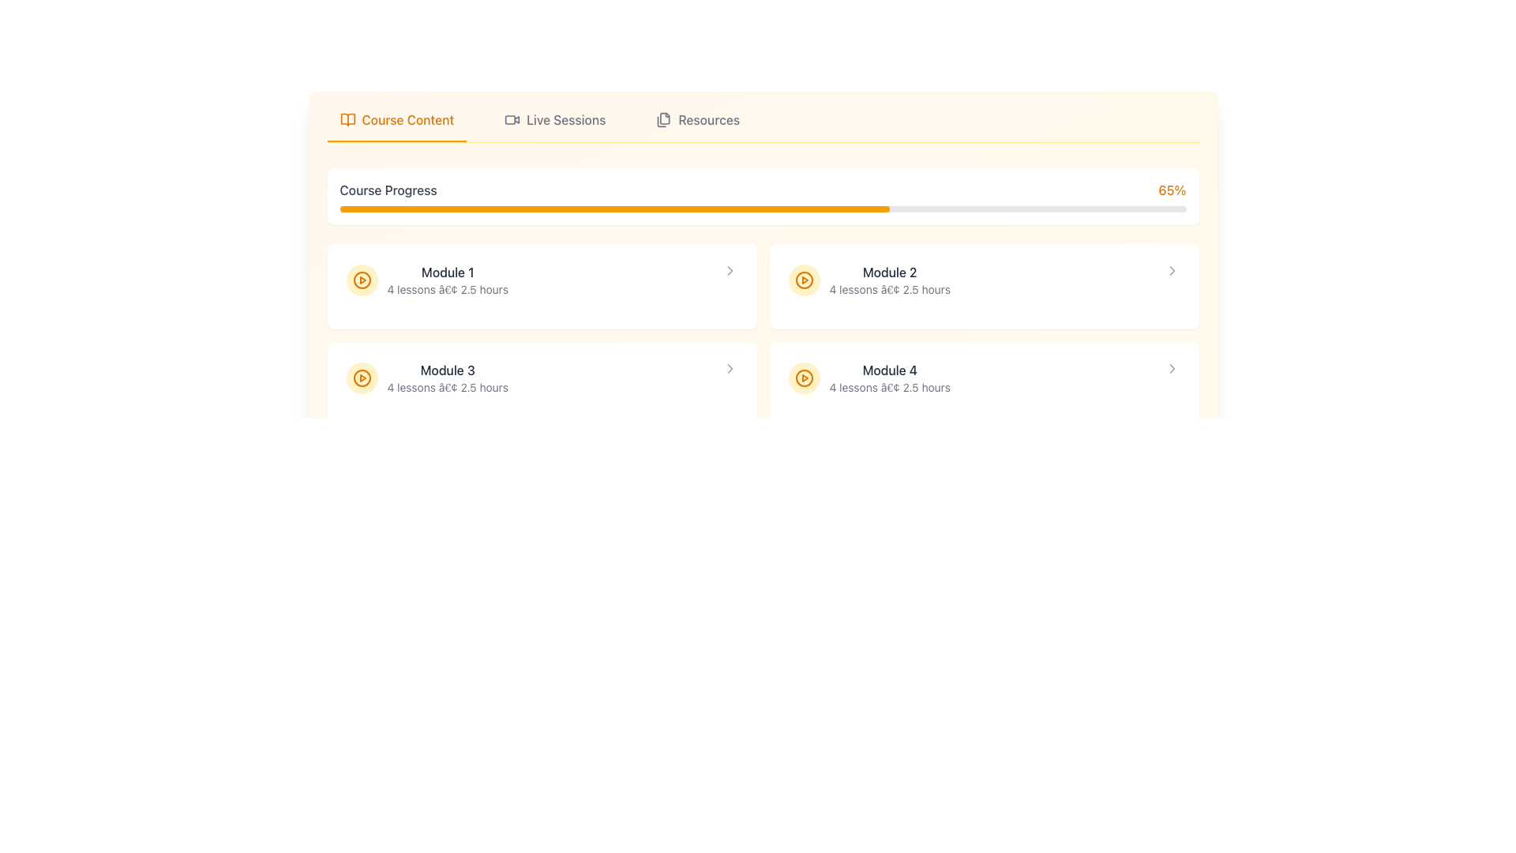 This screenshot has height=853, width=1516. I want to click on the circular icon with a play symbol in amber tones located to the left of 'Module 1', so click(361, 279).